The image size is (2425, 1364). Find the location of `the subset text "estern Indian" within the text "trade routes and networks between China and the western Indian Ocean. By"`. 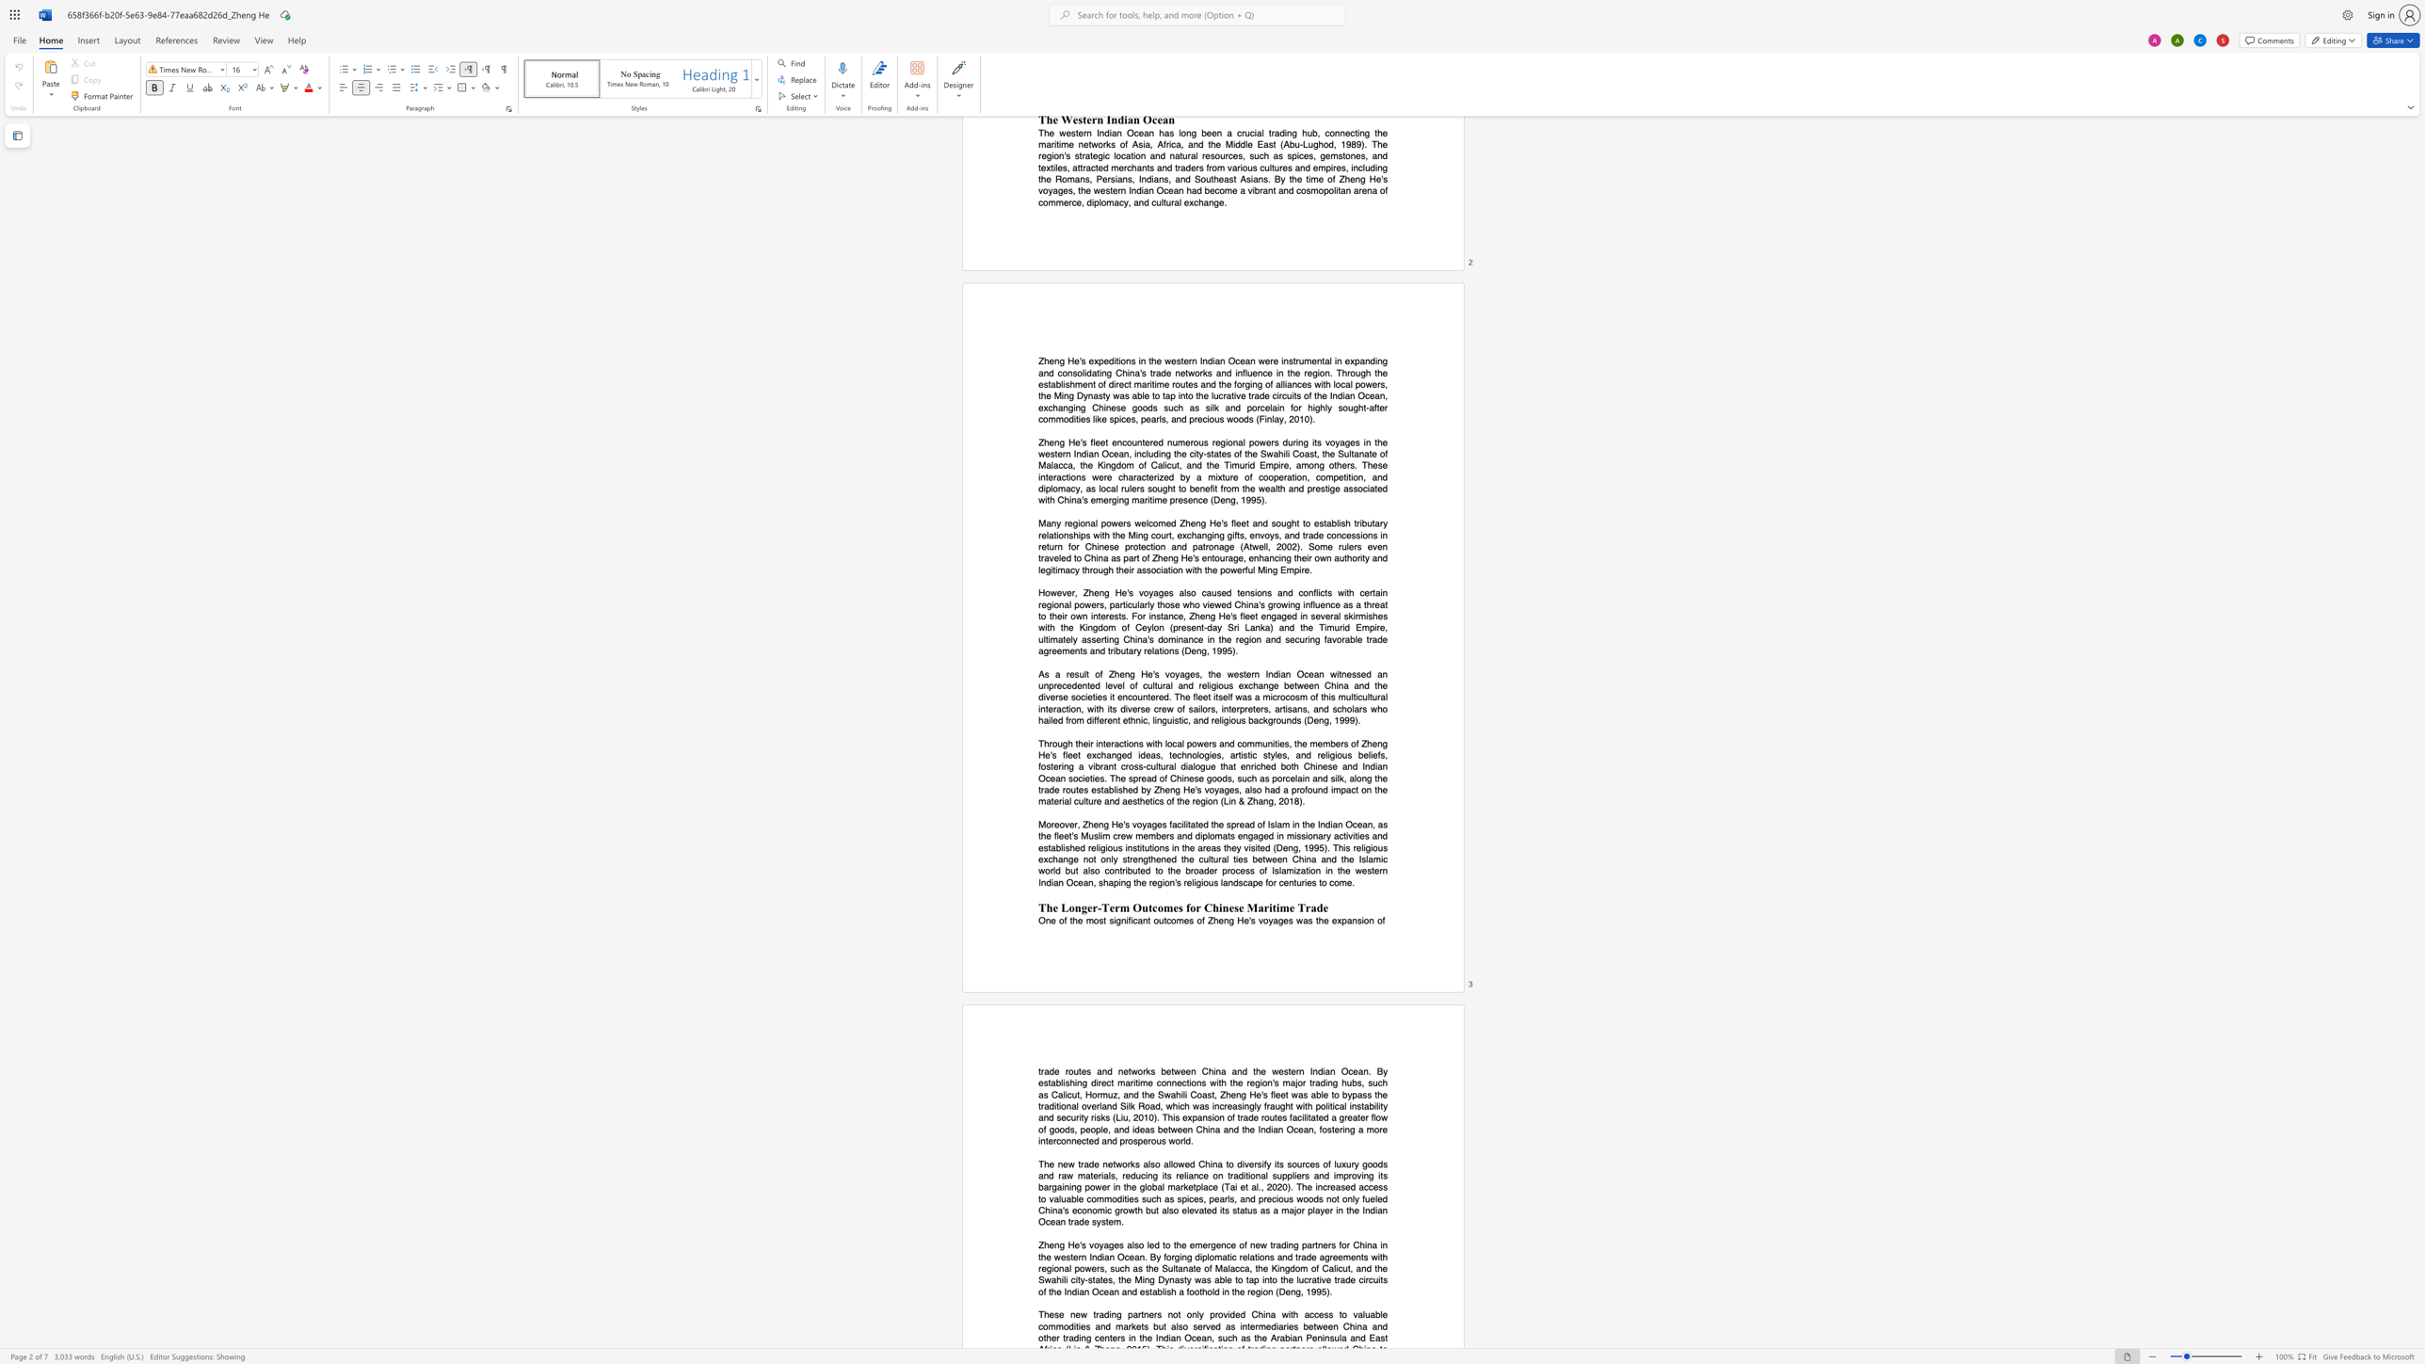

the subset text "estern Indian" within the text "trade routes and networks between China and the western Indian Ocean. By" is located at coordinates (1277, 1070).